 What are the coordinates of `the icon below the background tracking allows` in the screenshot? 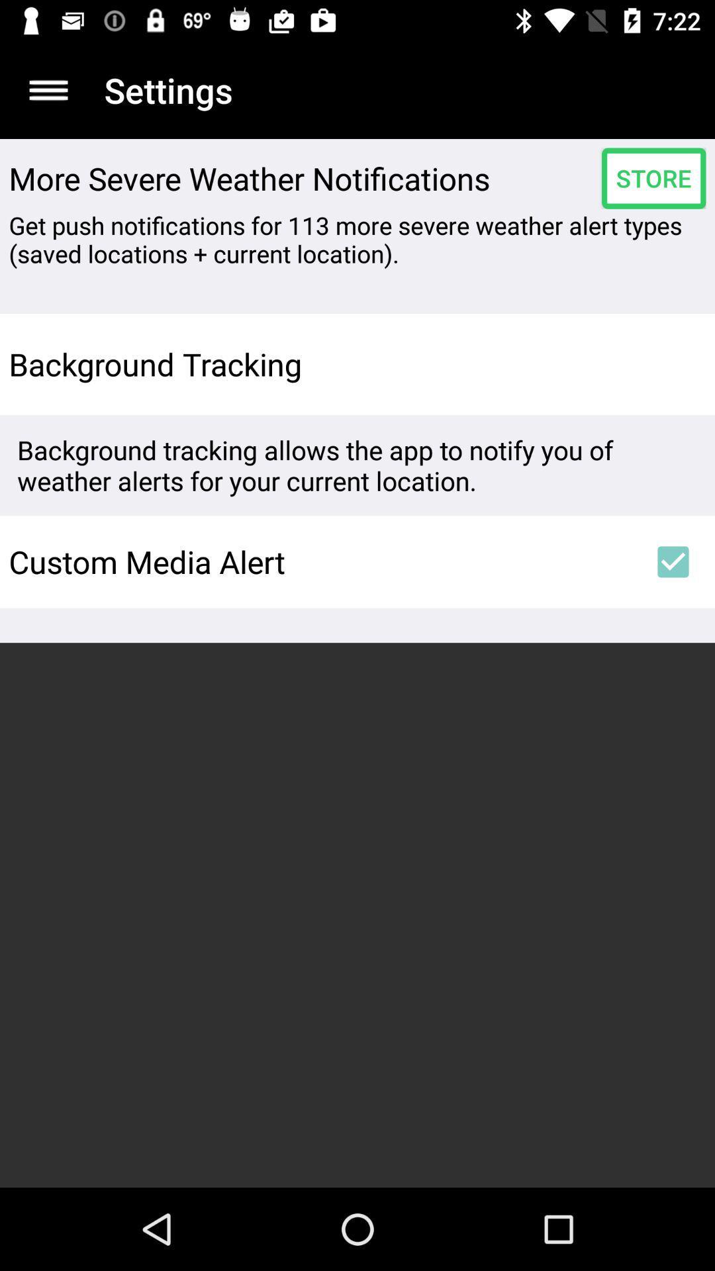 It's located at (320, 561).